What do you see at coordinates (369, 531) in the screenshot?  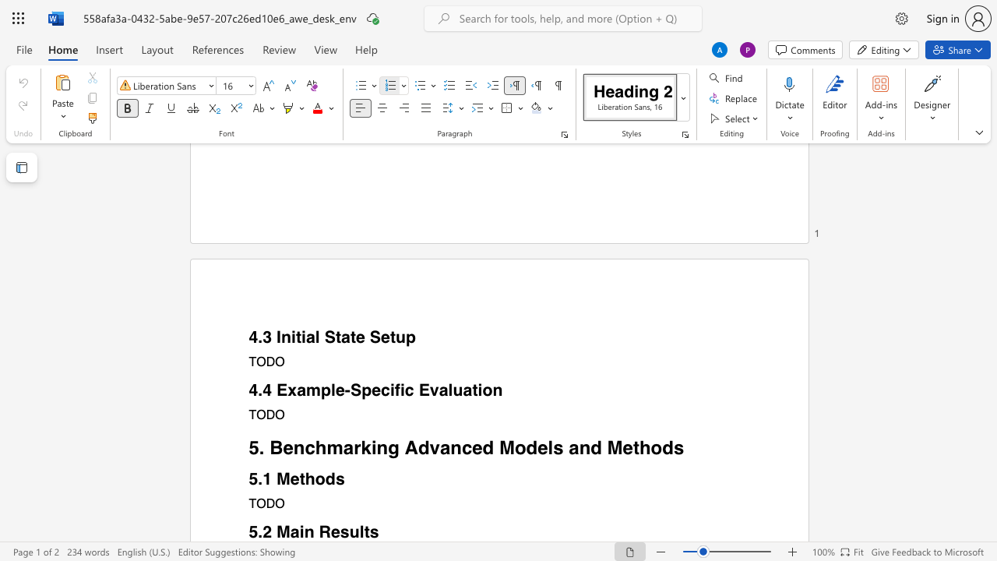 I see `the space between the continuous character "t" and "s" in the text` at bounding box center [369, 531].